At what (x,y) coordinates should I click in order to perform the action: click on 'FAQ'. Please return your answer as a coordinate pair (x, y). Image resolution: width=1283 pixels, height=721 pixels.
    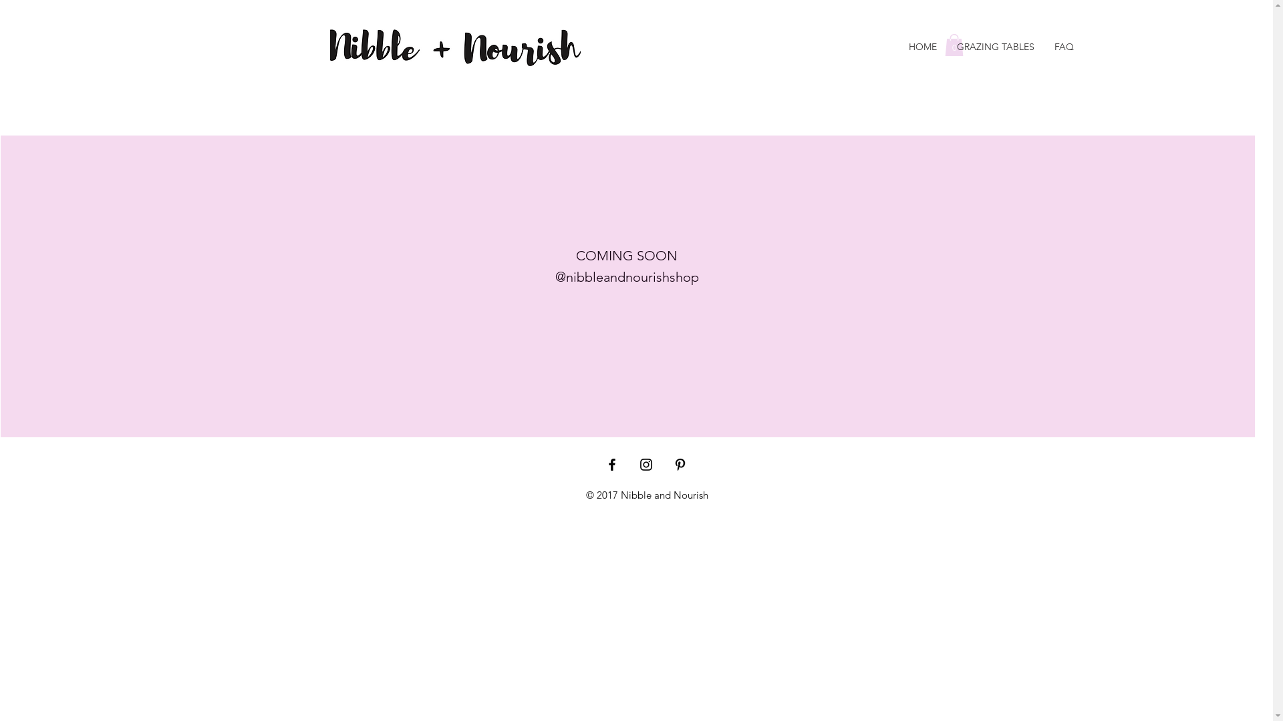
    Looking at the image, I should click on (1063, 46).